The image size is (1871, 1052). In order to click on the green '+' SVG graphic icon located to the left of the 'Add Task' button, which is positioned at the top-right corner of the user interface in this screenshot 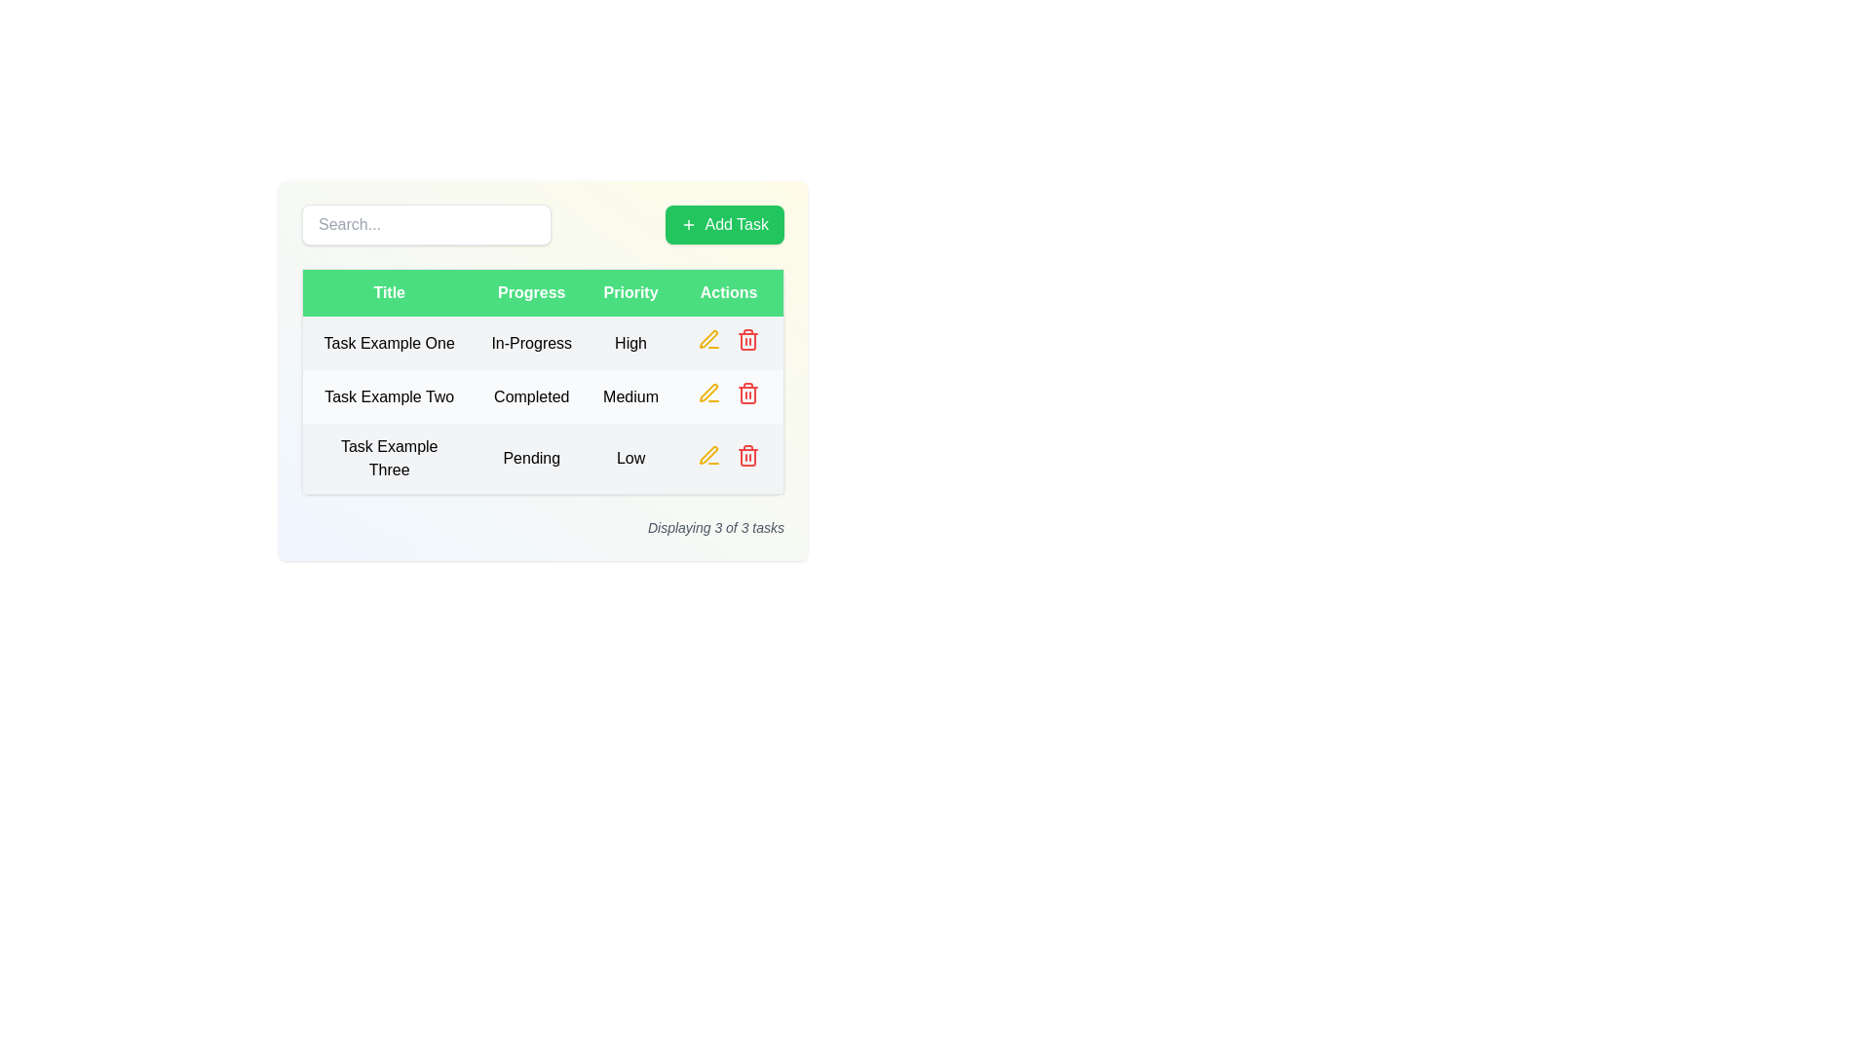, I will do `click(689, 224)`.